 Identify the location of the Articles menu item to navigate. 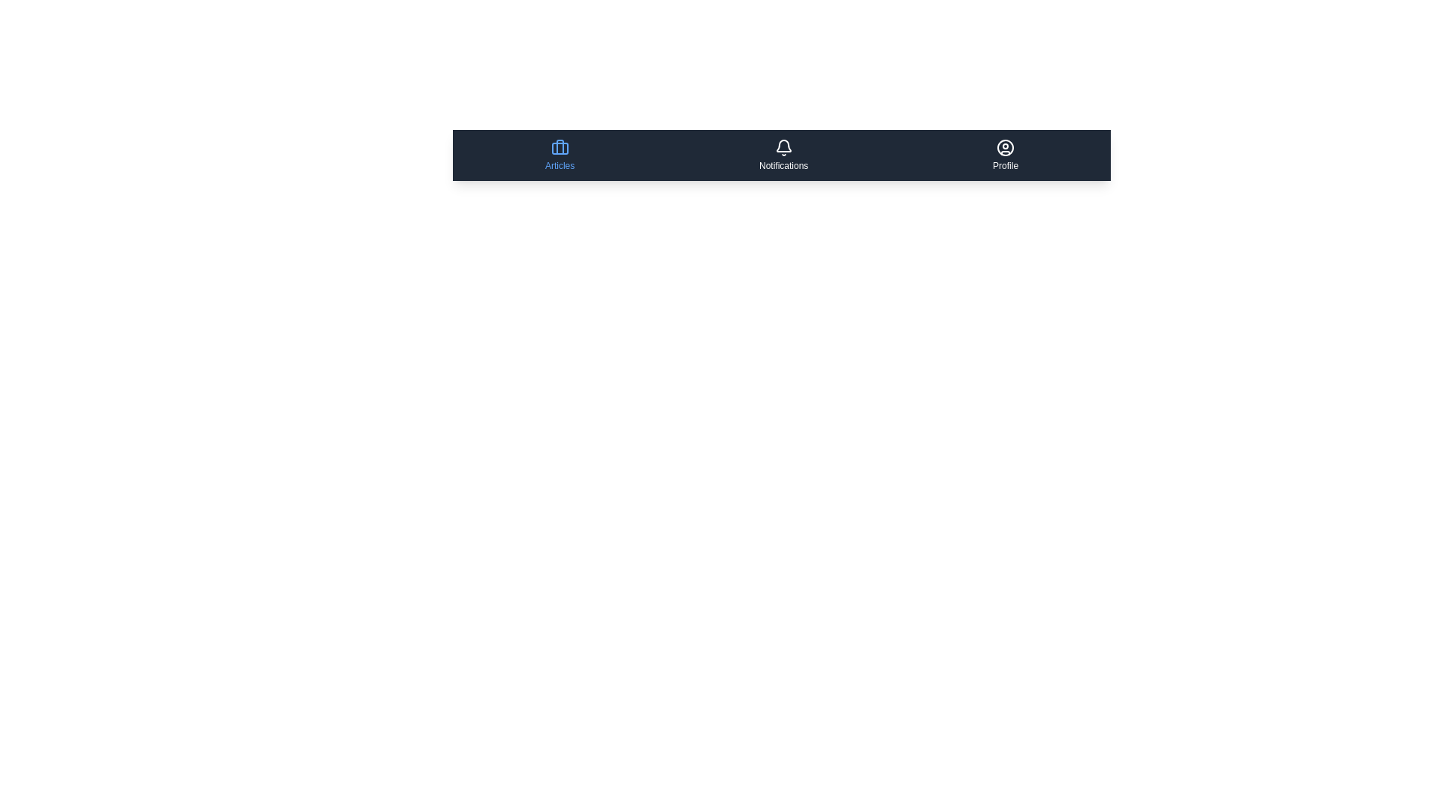
(559, 155).